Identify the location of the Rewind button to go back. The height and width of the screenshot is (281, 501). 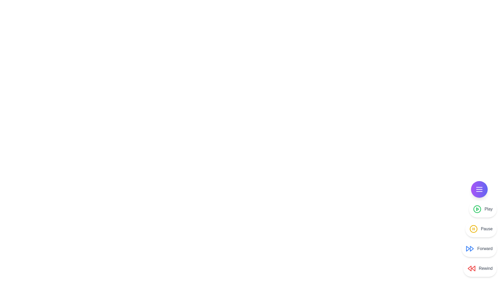
(480, 269).